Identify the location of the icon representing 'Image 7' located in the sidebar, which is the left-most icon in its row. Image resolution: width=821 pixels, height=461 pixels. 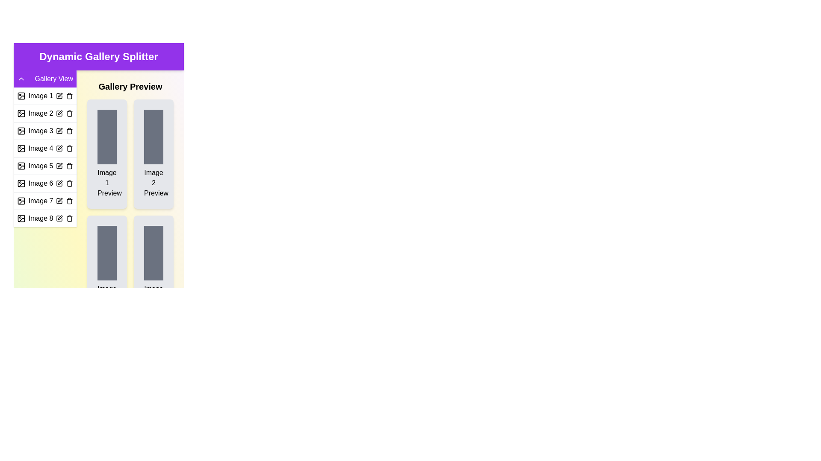
(21, 201).